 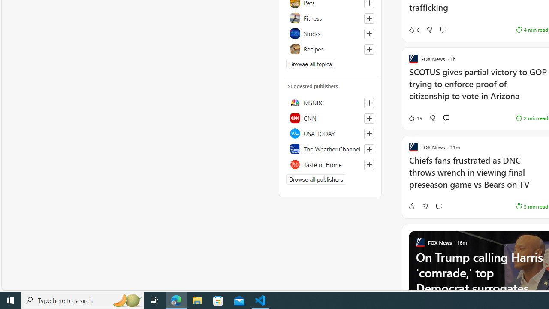 What do you see at coordinates (369, 165) in the screenshot?
I see `'Follow this source'` at bounding box center [369, 165].